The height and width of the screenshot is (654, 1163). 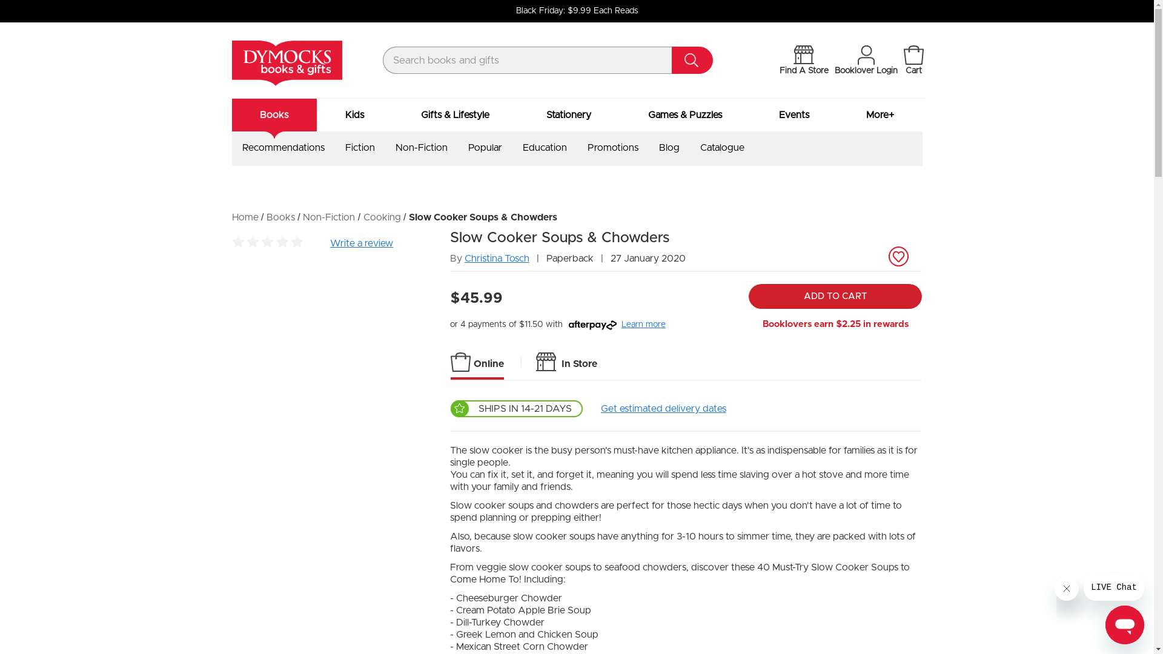 I want to click on 'Dymocks - Australia's leading bookseller', so click(x=231, y=63).